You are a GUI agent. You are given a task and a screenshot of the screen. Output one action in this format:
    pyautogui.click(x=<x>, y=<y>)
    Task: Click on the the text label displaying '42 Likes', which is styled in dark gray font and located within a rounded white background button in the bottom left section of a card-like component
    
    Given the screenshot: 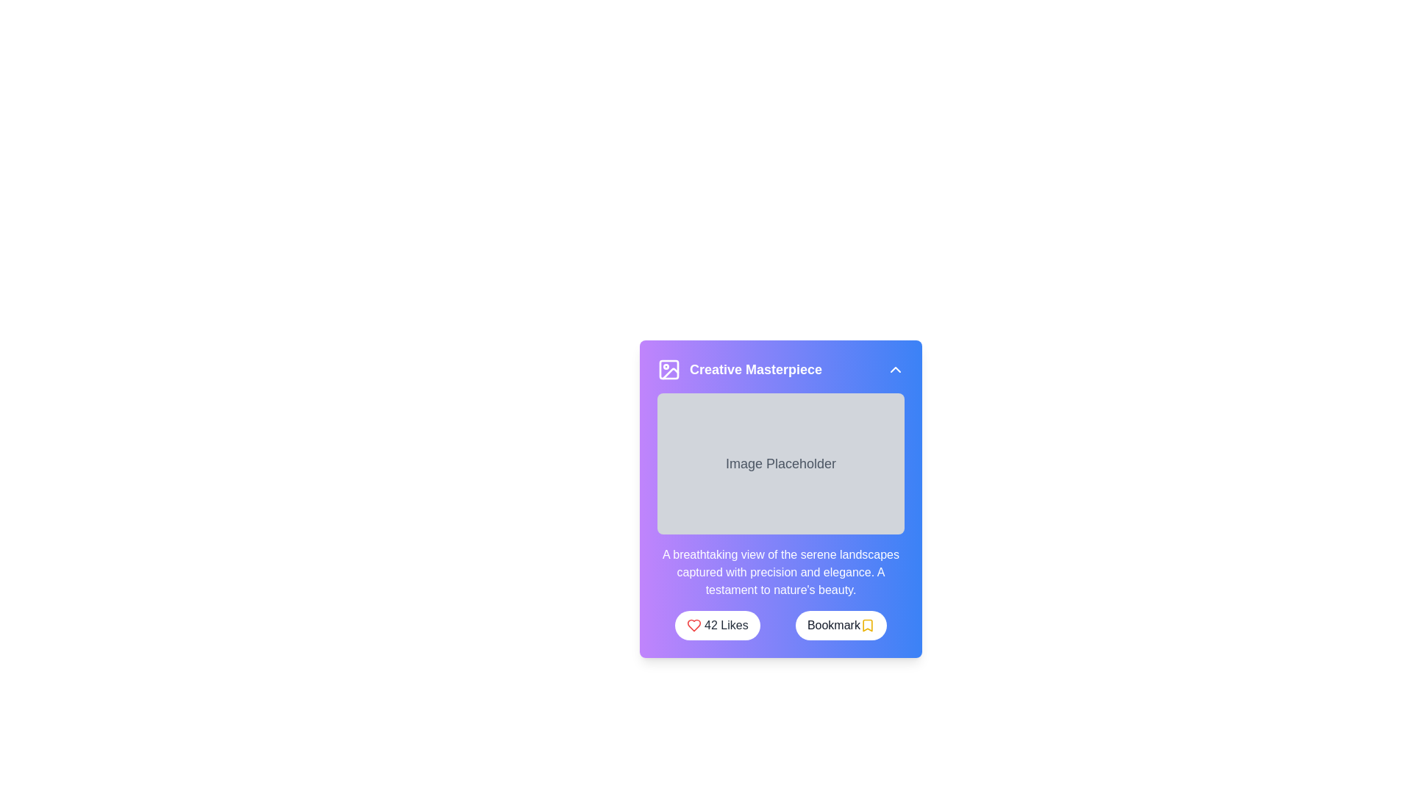 What is the action you would take?
    pyautogui.click(x=726, y=626)
    